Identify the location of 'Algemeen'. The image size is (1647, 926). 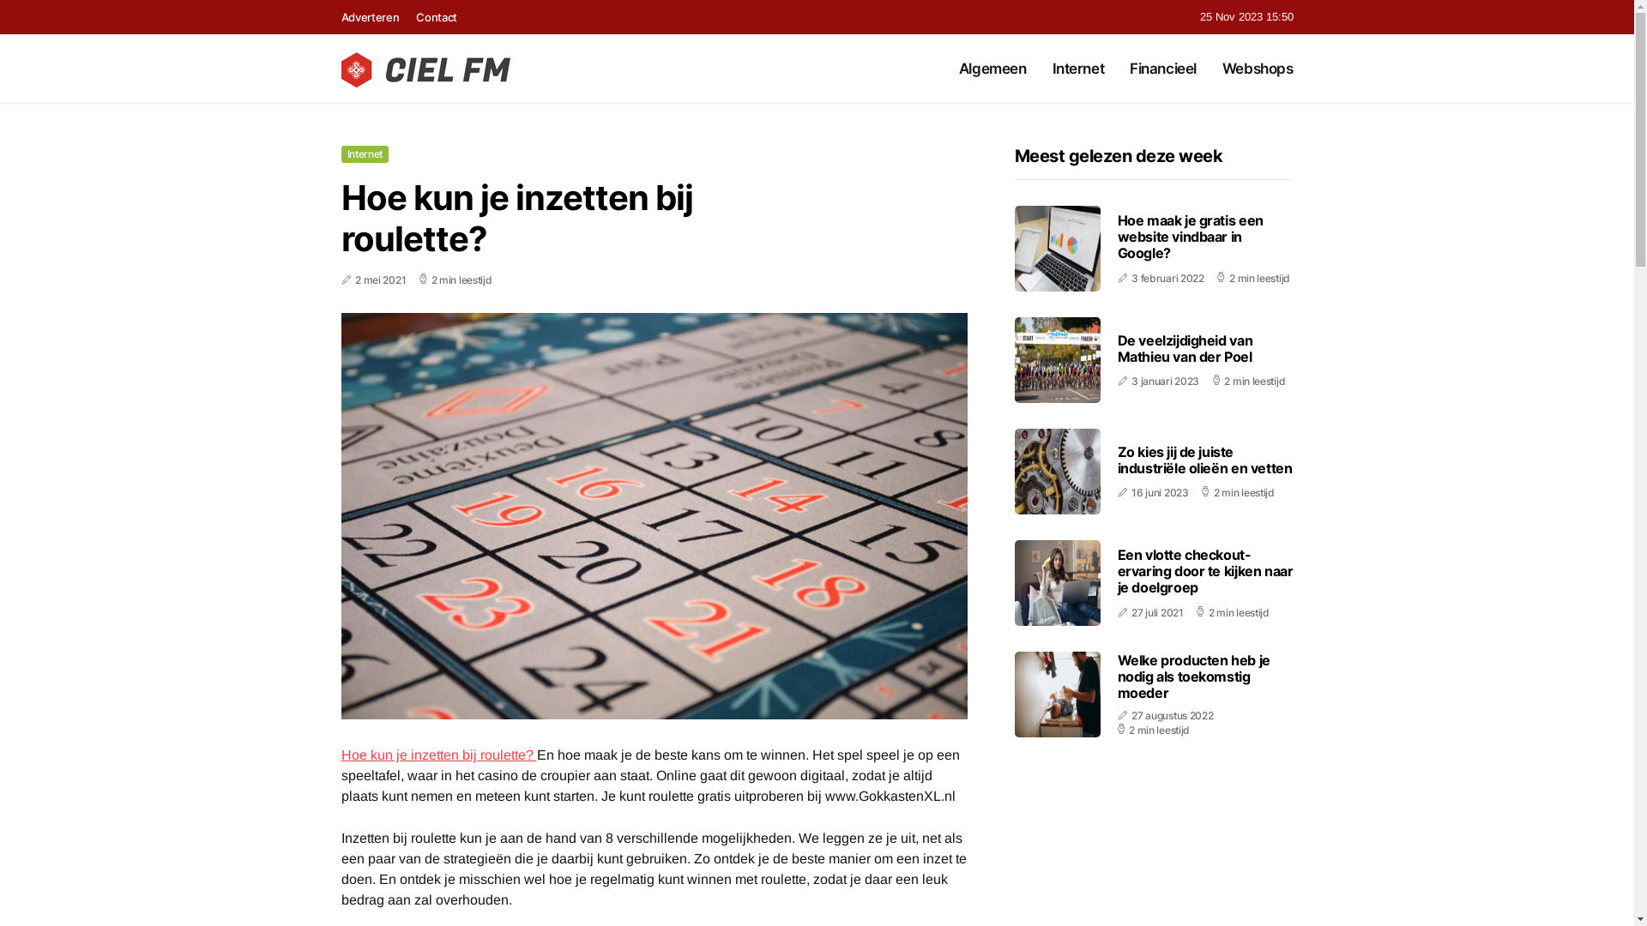
(992, 68).